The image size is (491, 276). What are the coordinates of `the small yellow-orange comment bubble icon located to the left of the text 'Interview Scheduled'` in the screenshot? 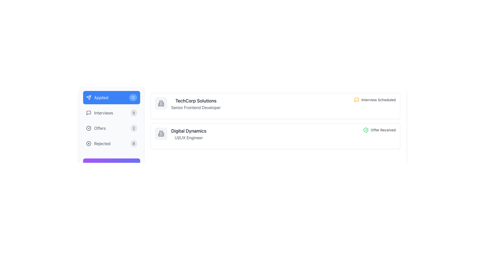 It's located at (356, 100).